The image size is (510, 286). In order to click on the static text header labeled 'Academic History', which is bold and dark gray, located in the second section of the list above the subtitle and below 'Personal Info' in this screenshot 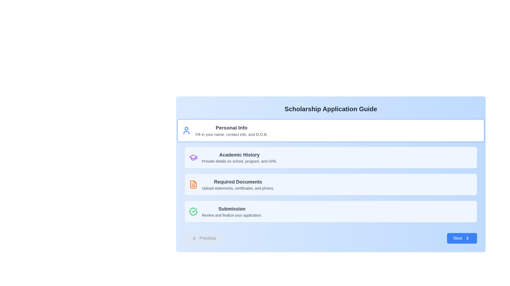, I will do `click(239, 155)`.